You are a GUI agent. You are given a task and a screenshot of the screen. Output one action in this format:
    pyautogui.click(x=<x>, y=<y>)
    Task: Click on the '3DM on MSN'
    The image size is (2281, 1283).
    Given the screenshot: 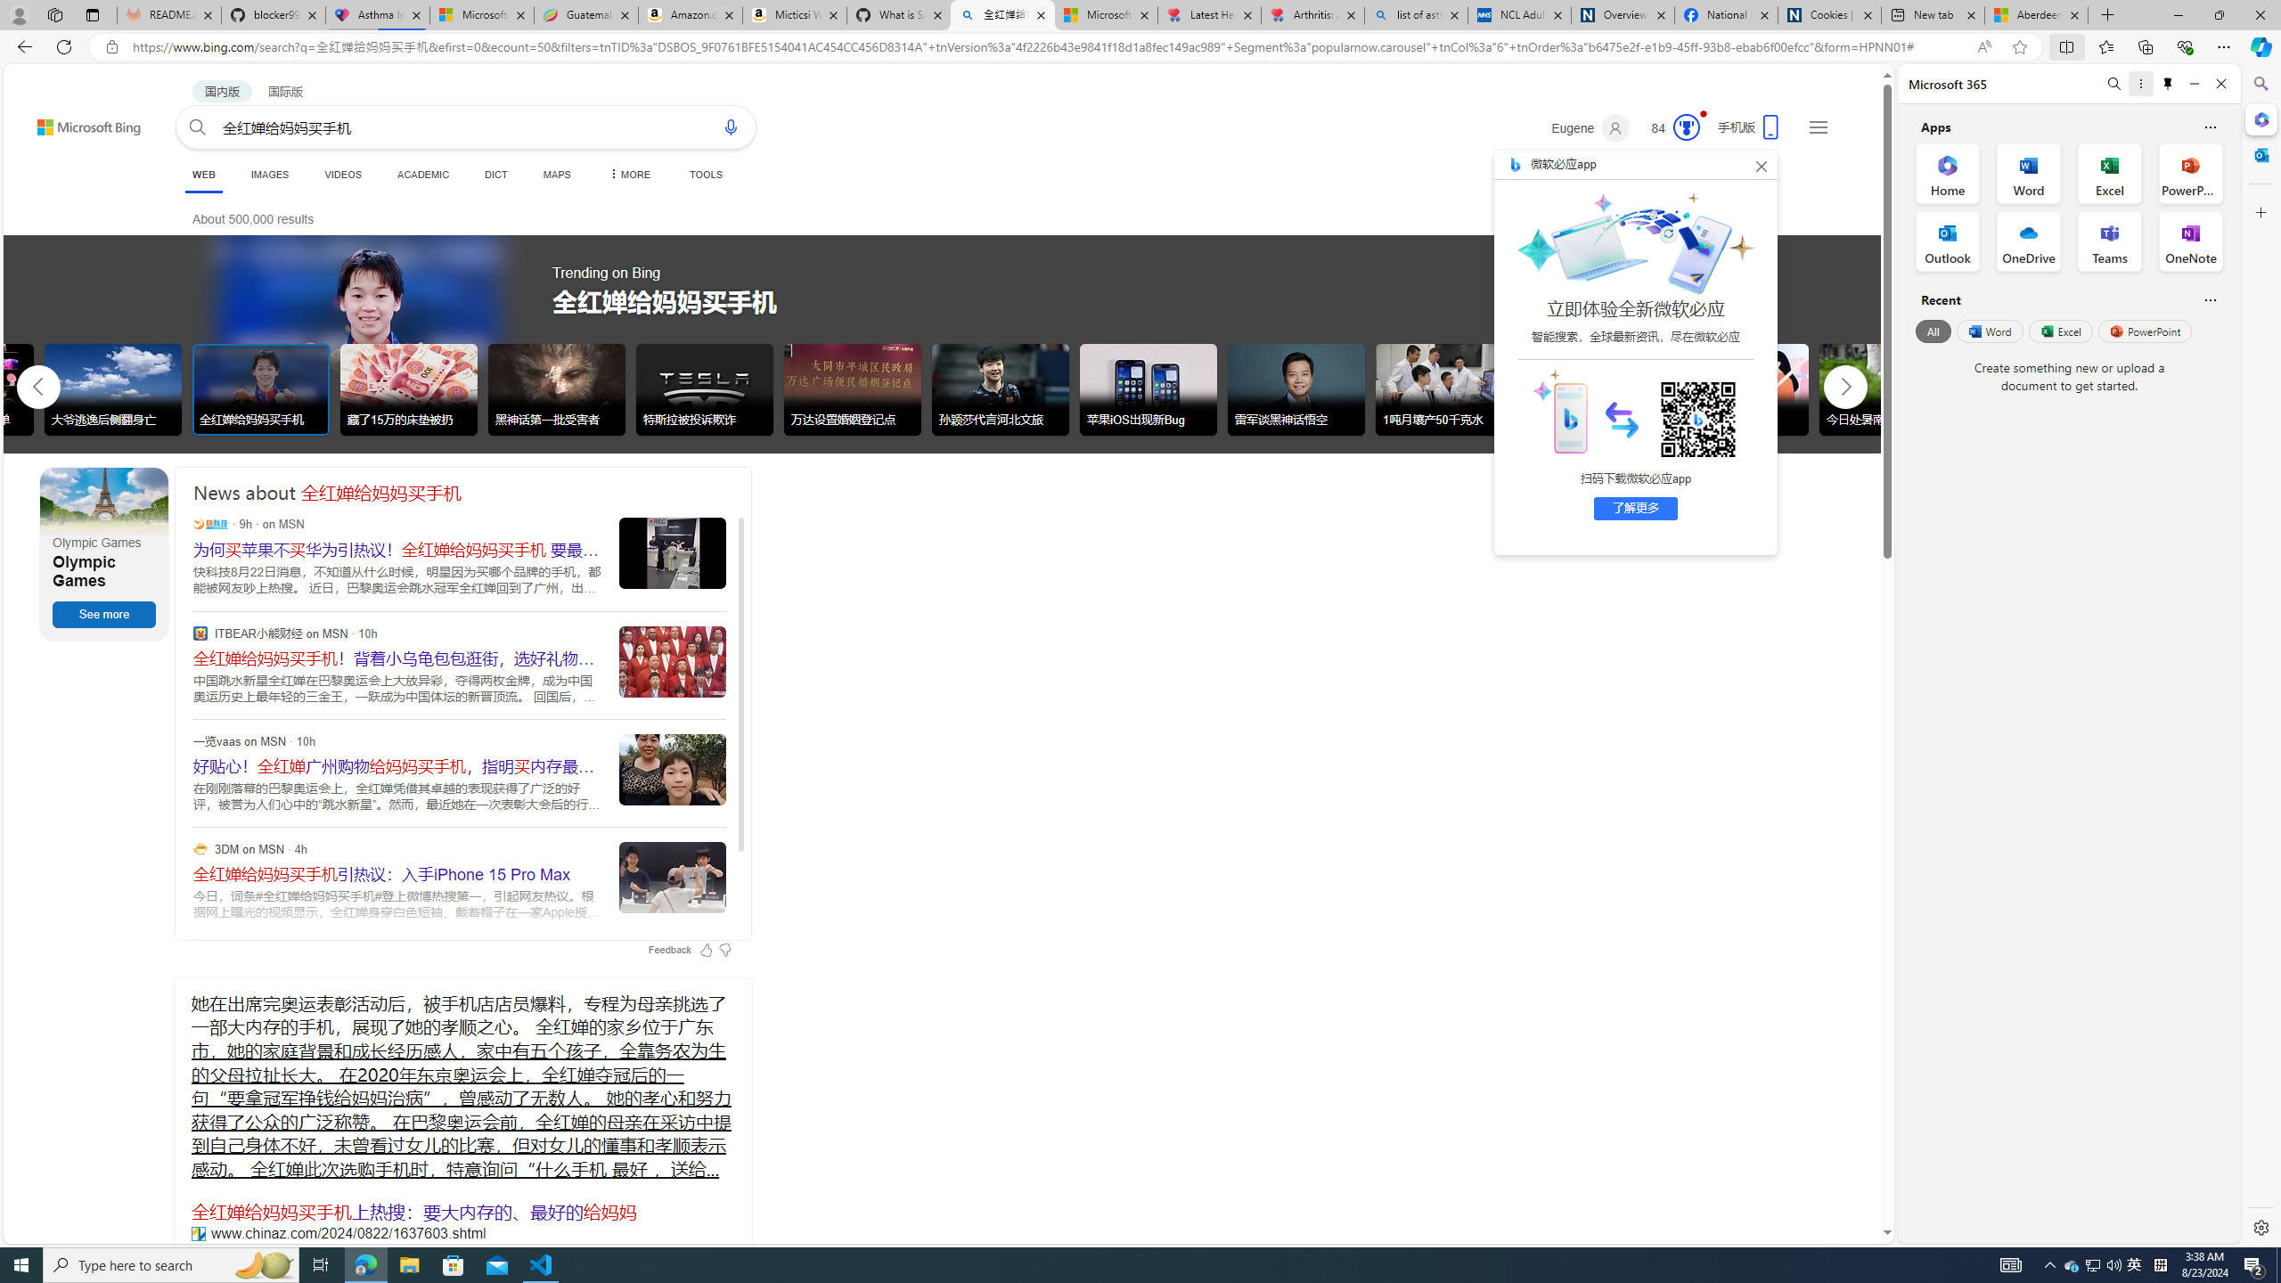 What is the action you would take?
    pyautogui.click(x=200, y=847)
    